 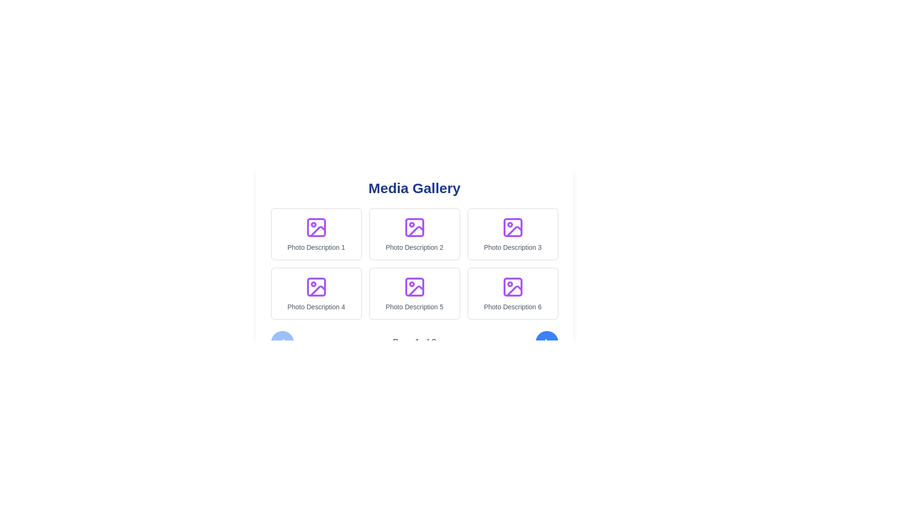 What do you see at coordinates (512, 287) in the screenshot?
I see `the icon resembling a basic image representation with a purple border and a circular detail, which is visually associated with the text 'Photo Description 6' located below it` at bounding box center [512, 287].